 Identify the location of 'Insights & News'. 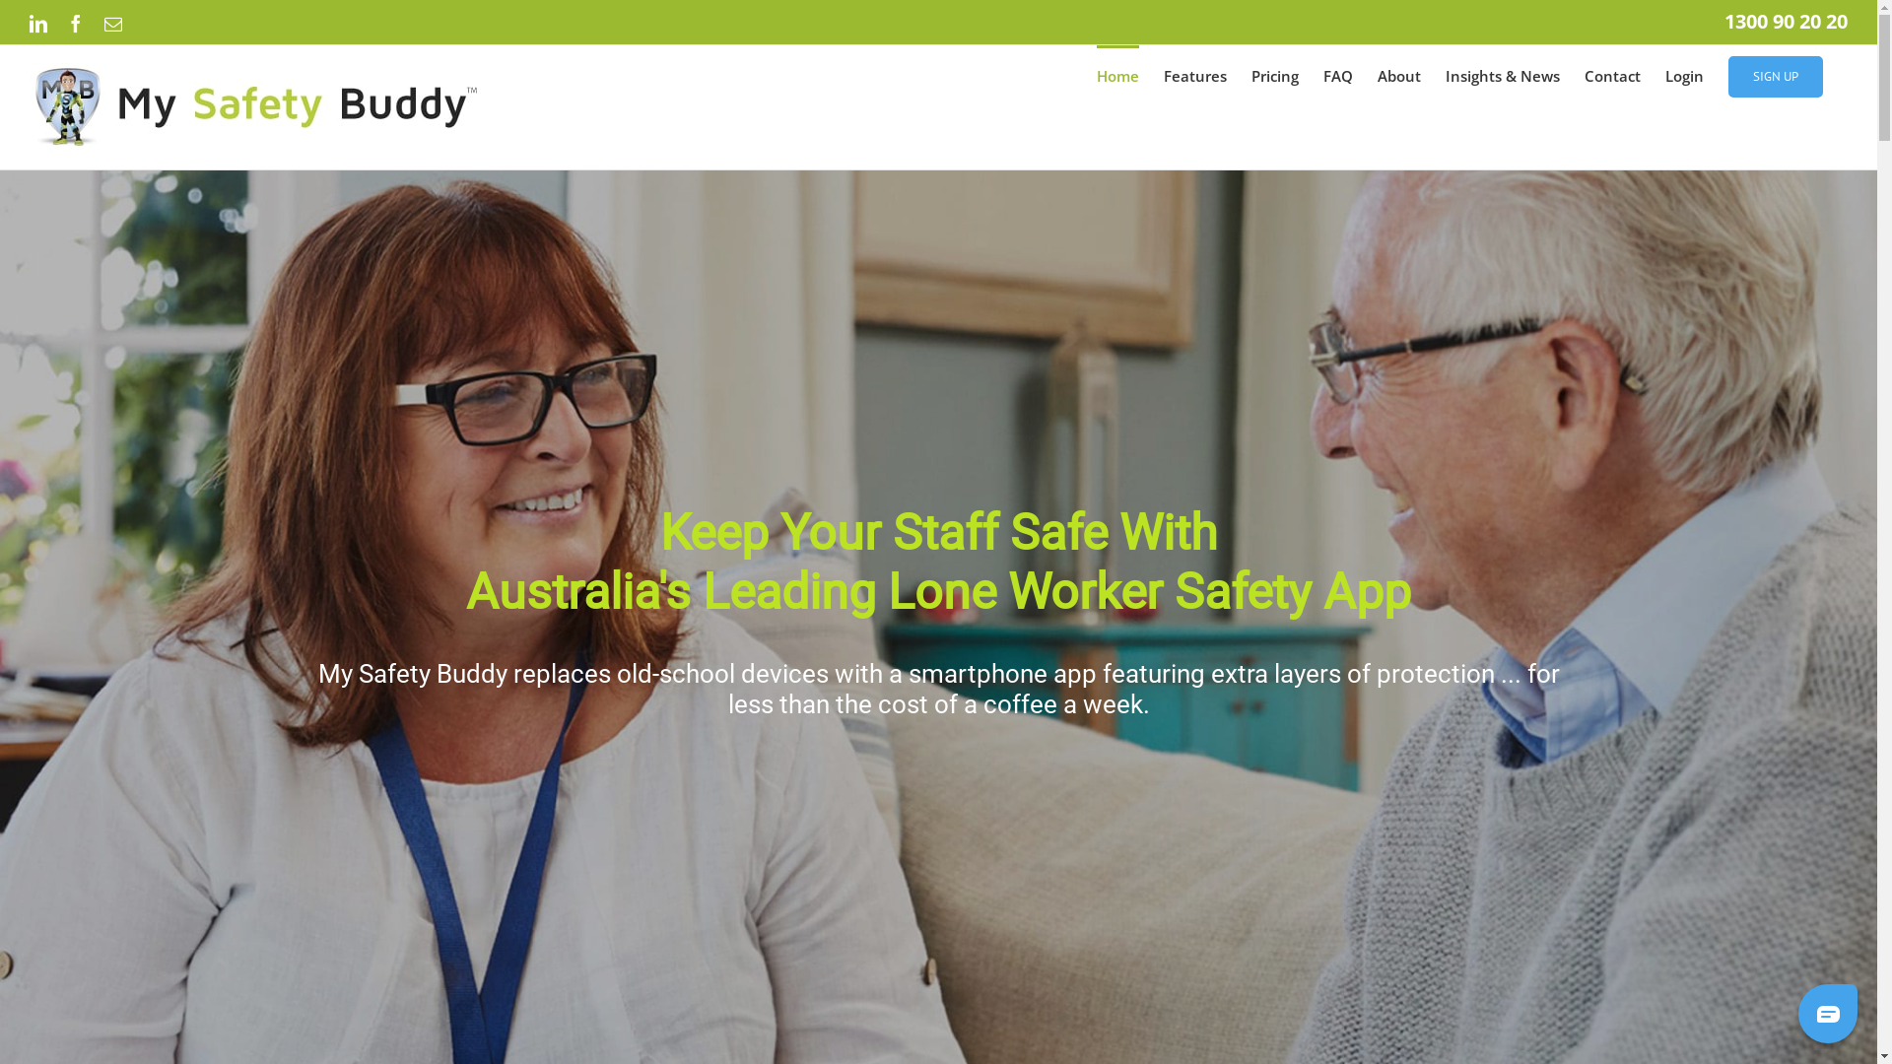
(1502, 74).